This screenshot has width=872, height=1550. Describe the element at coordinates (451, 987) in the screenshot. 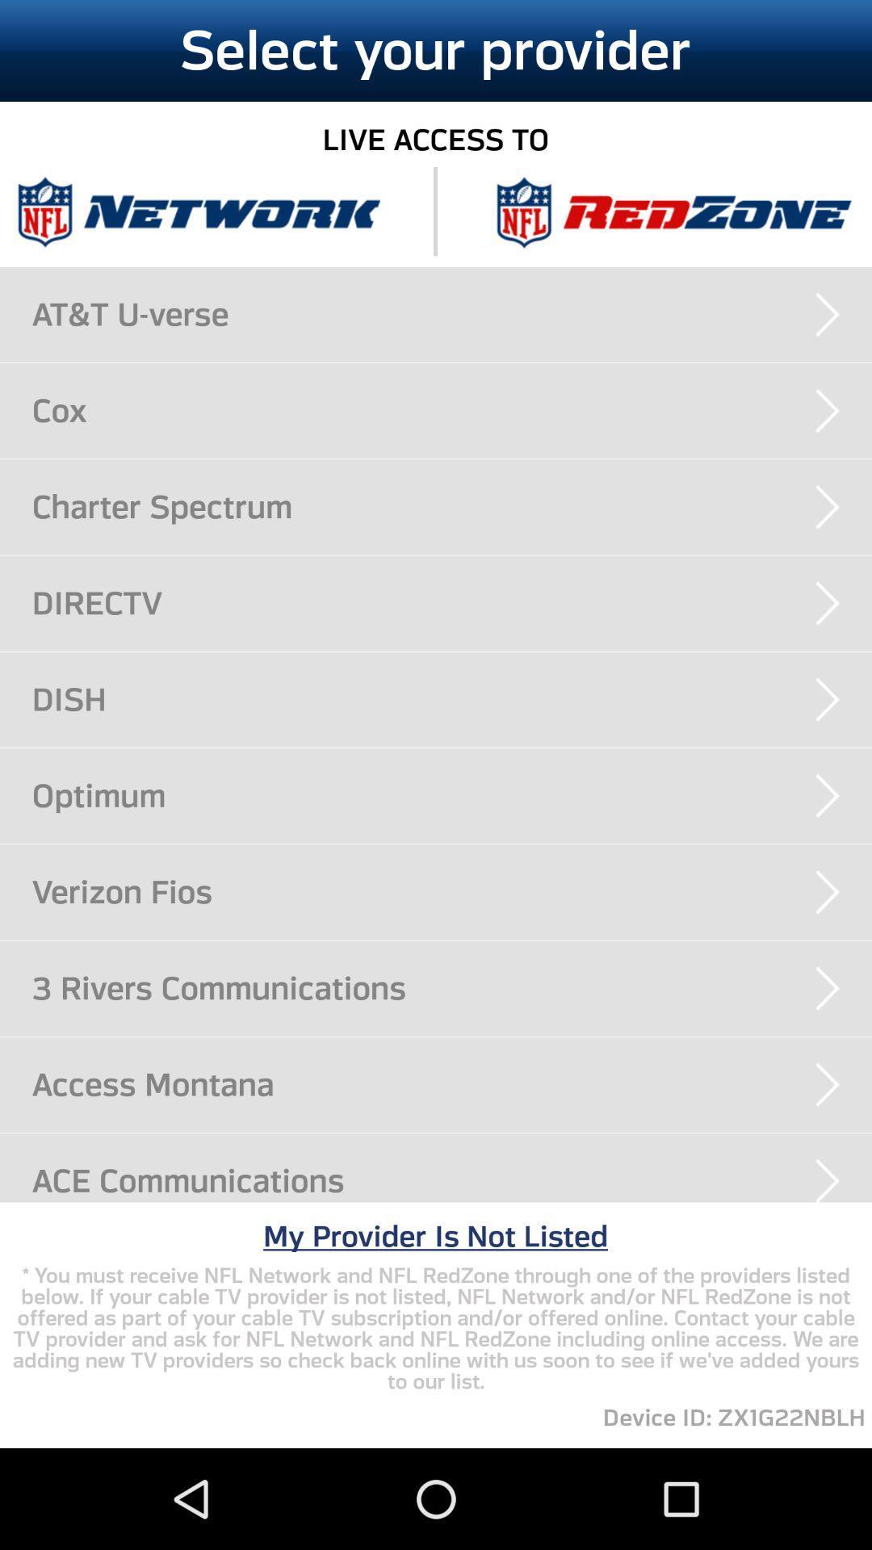

I see `3 rivers communications icon` at that location.